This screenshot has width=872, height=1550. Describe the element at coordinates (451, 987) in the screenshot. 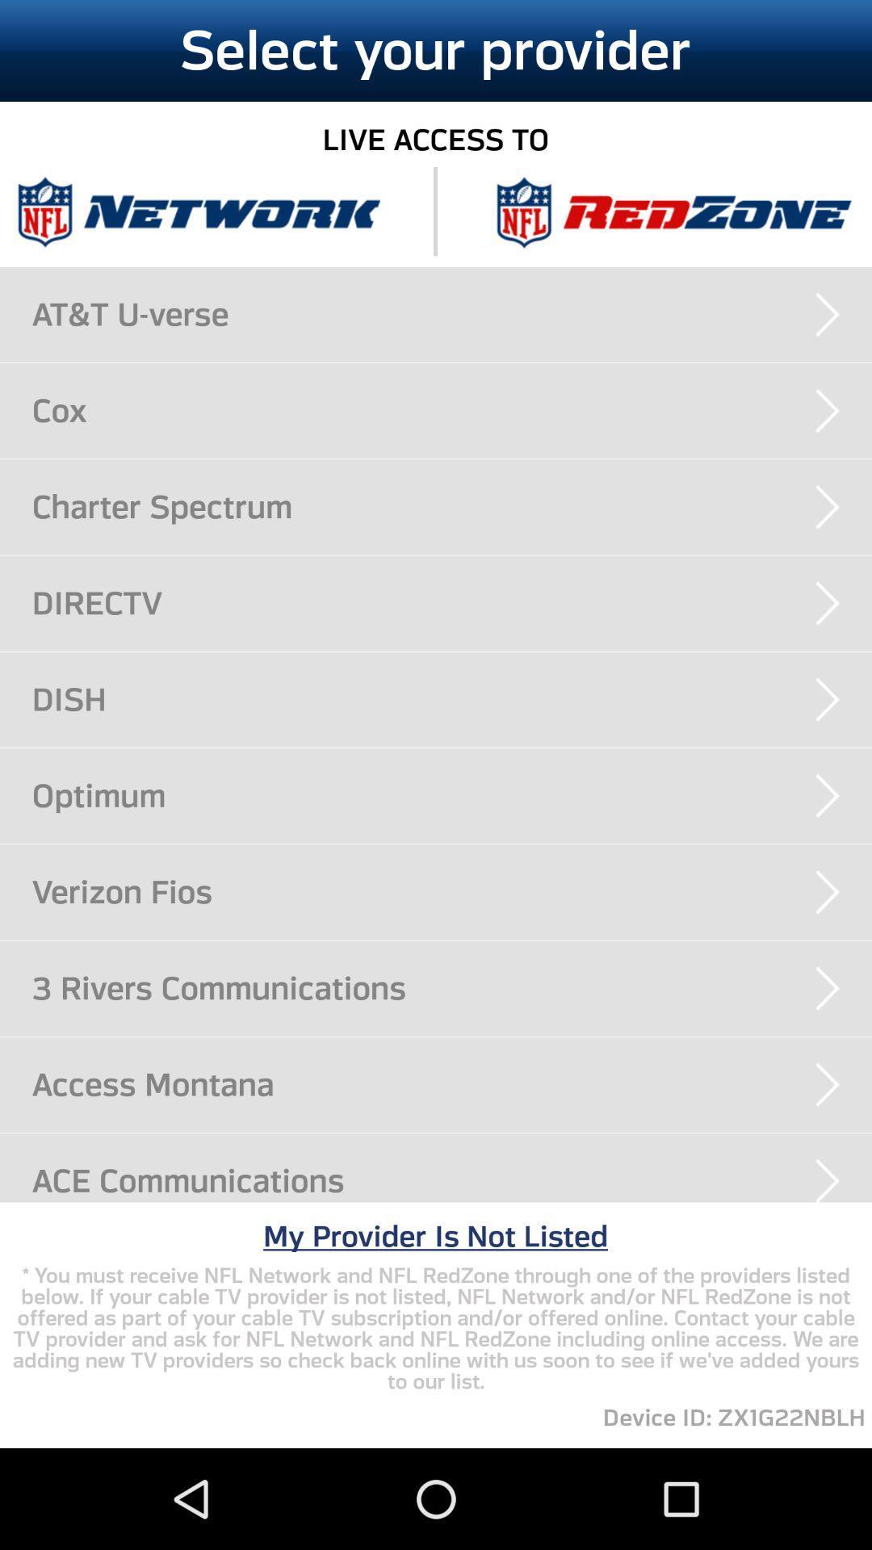

I see `3 rivers communications icon` at that location.